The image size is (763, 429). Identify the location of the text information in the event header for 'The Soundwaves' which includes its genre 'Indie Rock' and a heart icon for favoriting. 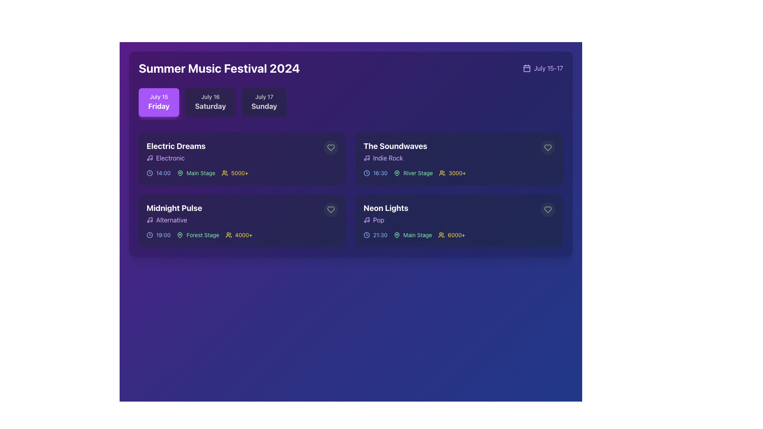
(459, 151).